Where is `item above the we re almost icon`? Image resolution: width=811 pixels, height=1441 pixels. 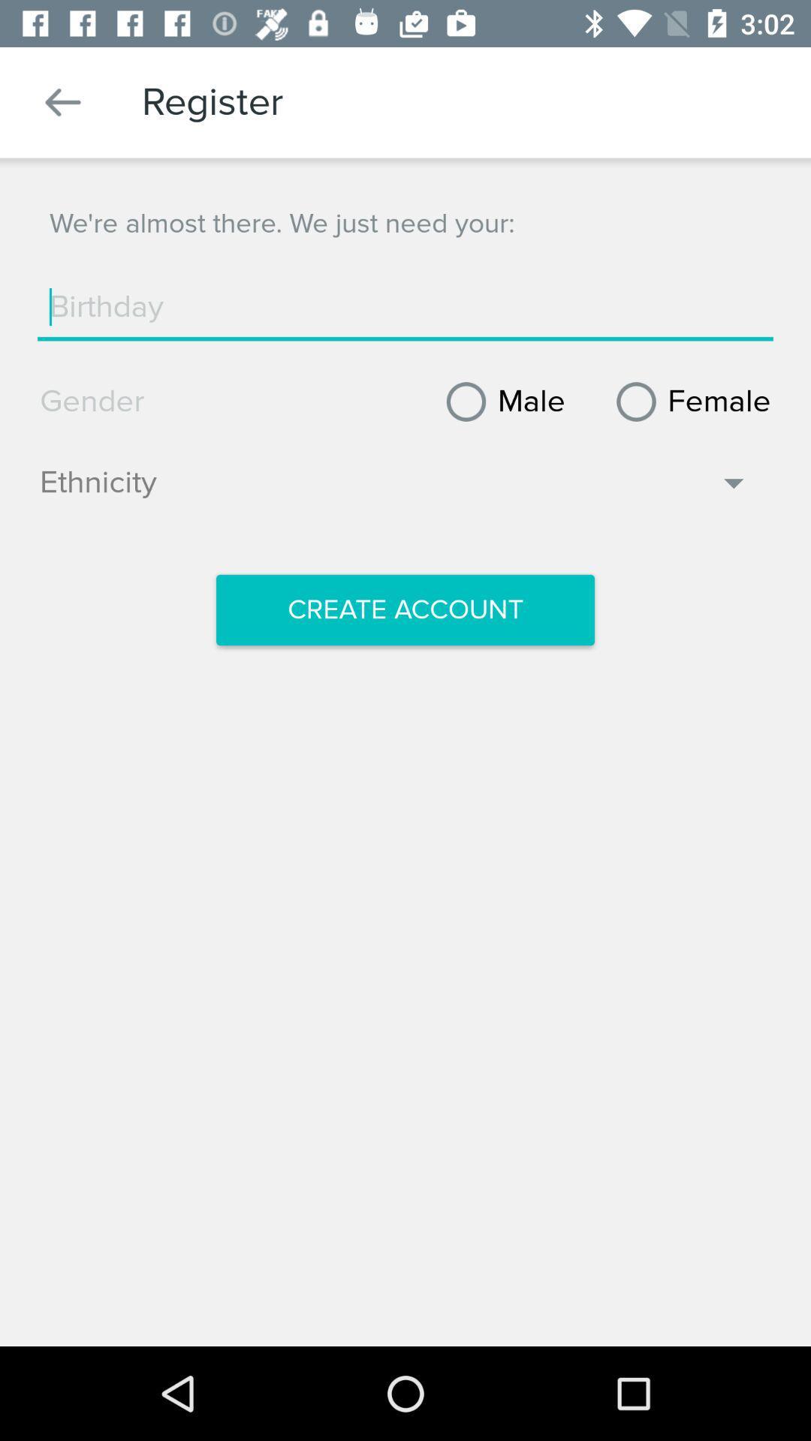 item above the we re almost icon is located at coordinates (62, 101).